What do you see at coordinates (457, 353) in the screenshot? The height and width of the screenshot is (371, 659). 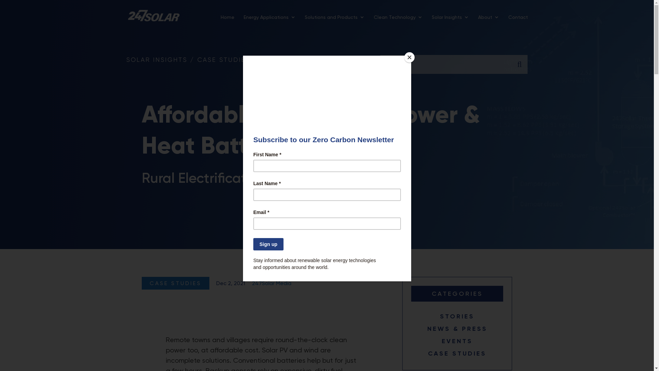 I see `'CASE STUDIES'` at bounding box center [457, 353].